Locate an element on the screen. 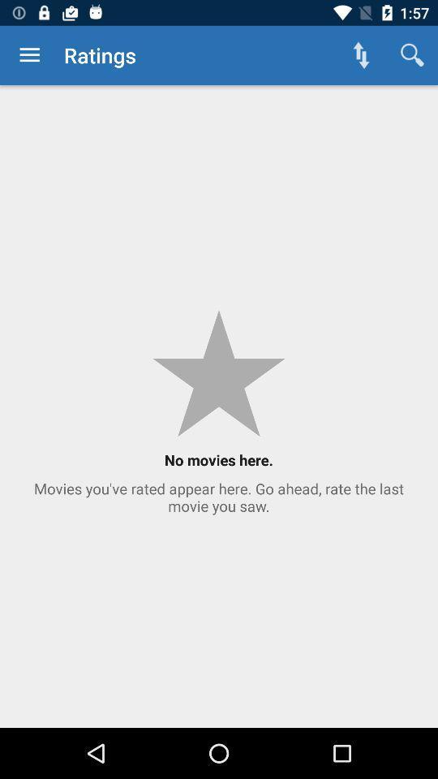 The width and height of the screenshot is (438, 779). icon to the right of ratings icon is located at coordinates (361, 55).